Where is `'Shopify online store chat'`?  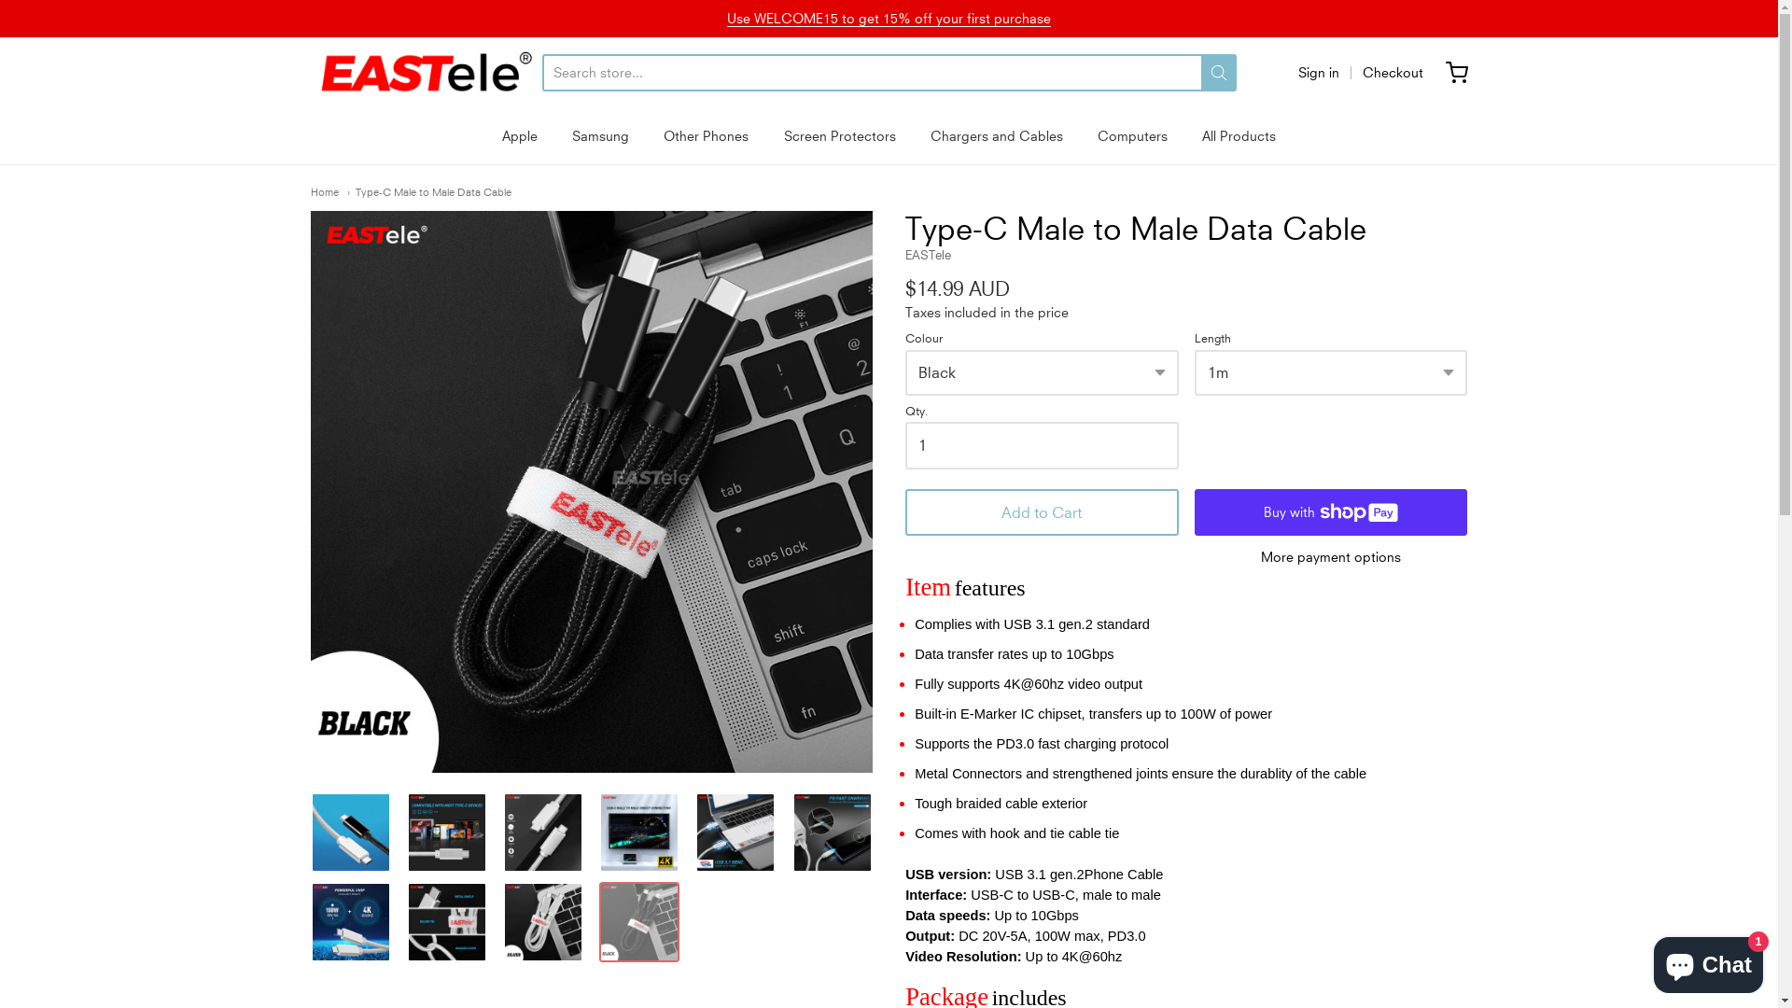
'Shopify online store chat' is located at coordinates (1708, 960).